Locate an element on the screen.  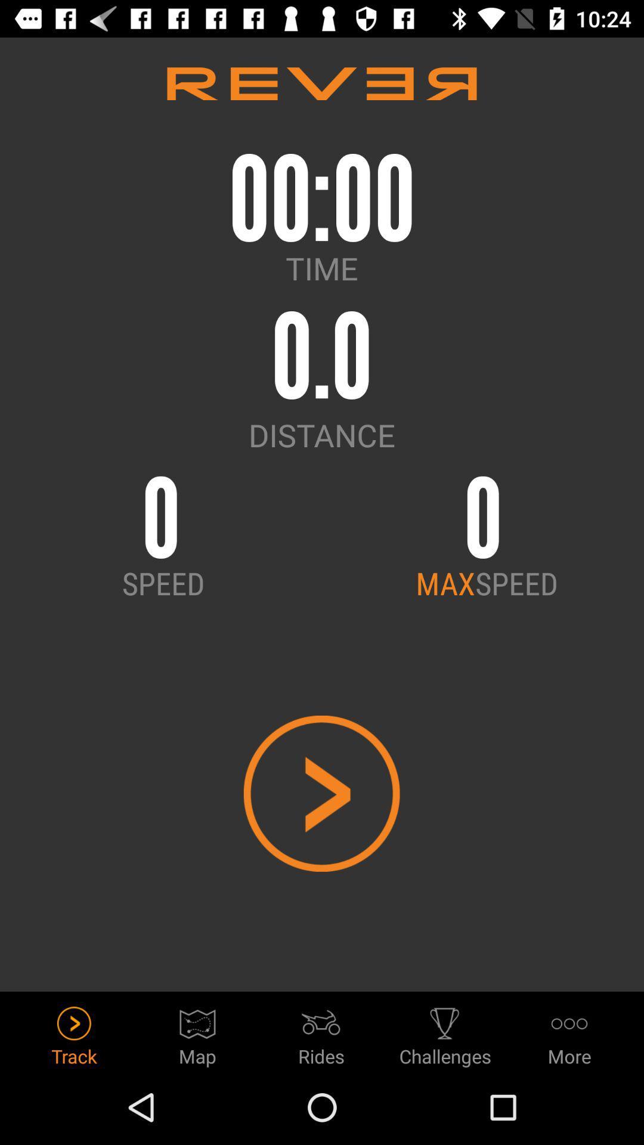
the max is located at coordinates (445, 583).